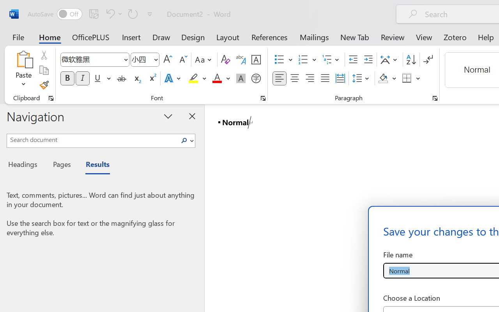 Image resolution: width=499 pixels, height=312 pixels. What do you see at coordinates (256, 78) in the screenshot?
I see `'Enclose Characters...'` at bounding box center [256, 78].